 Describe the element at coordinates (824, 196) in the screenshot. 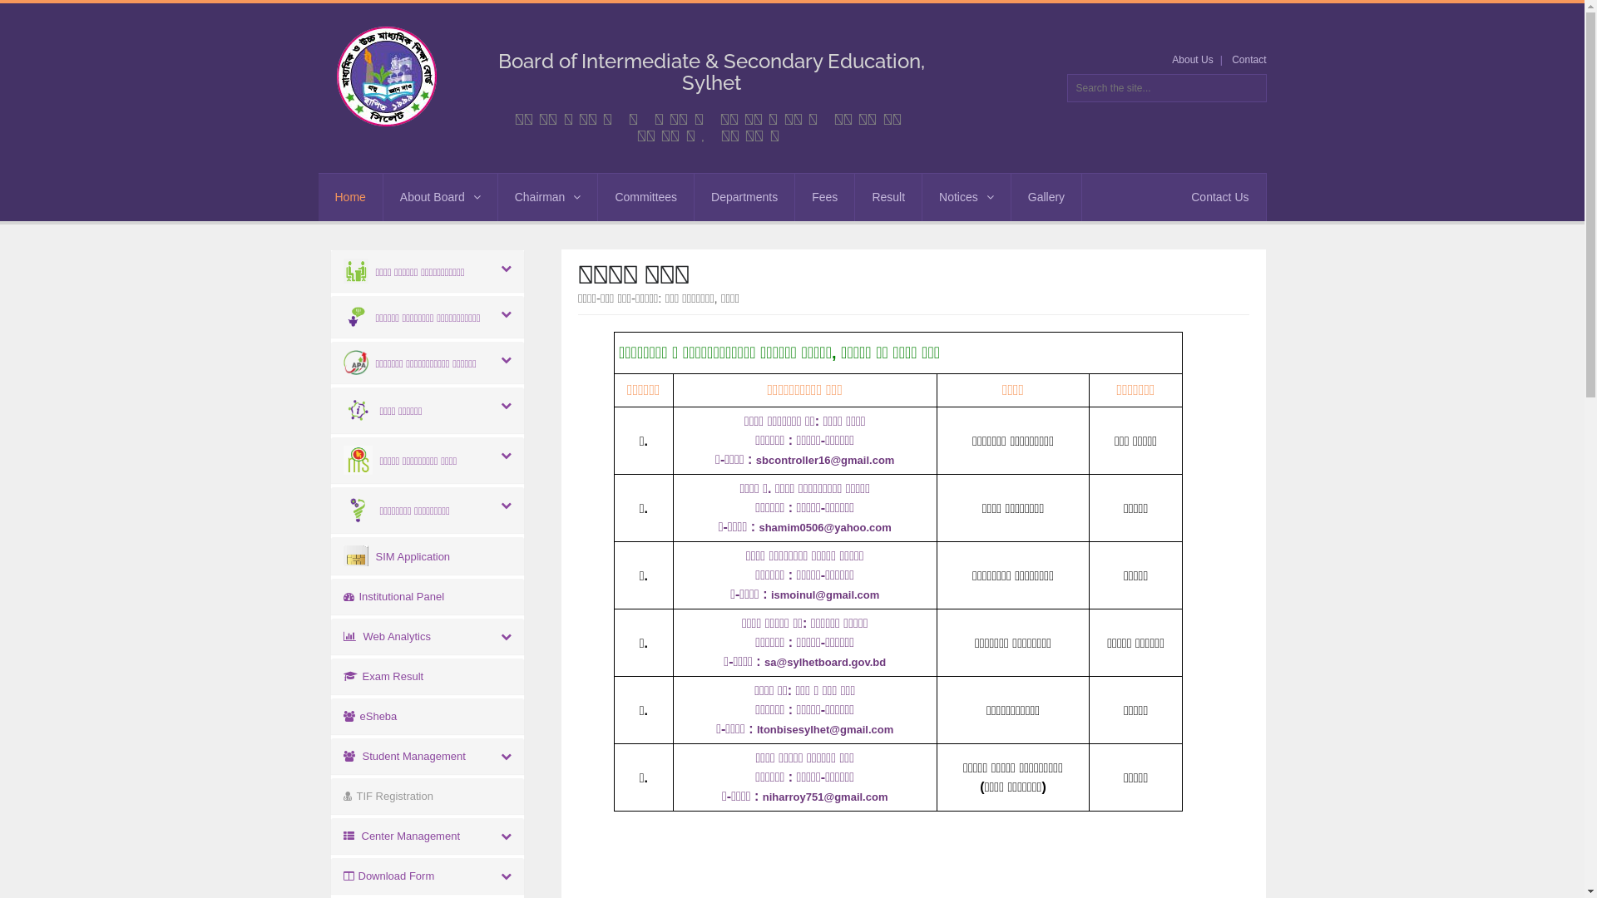

I see `'Fees'` at that location.